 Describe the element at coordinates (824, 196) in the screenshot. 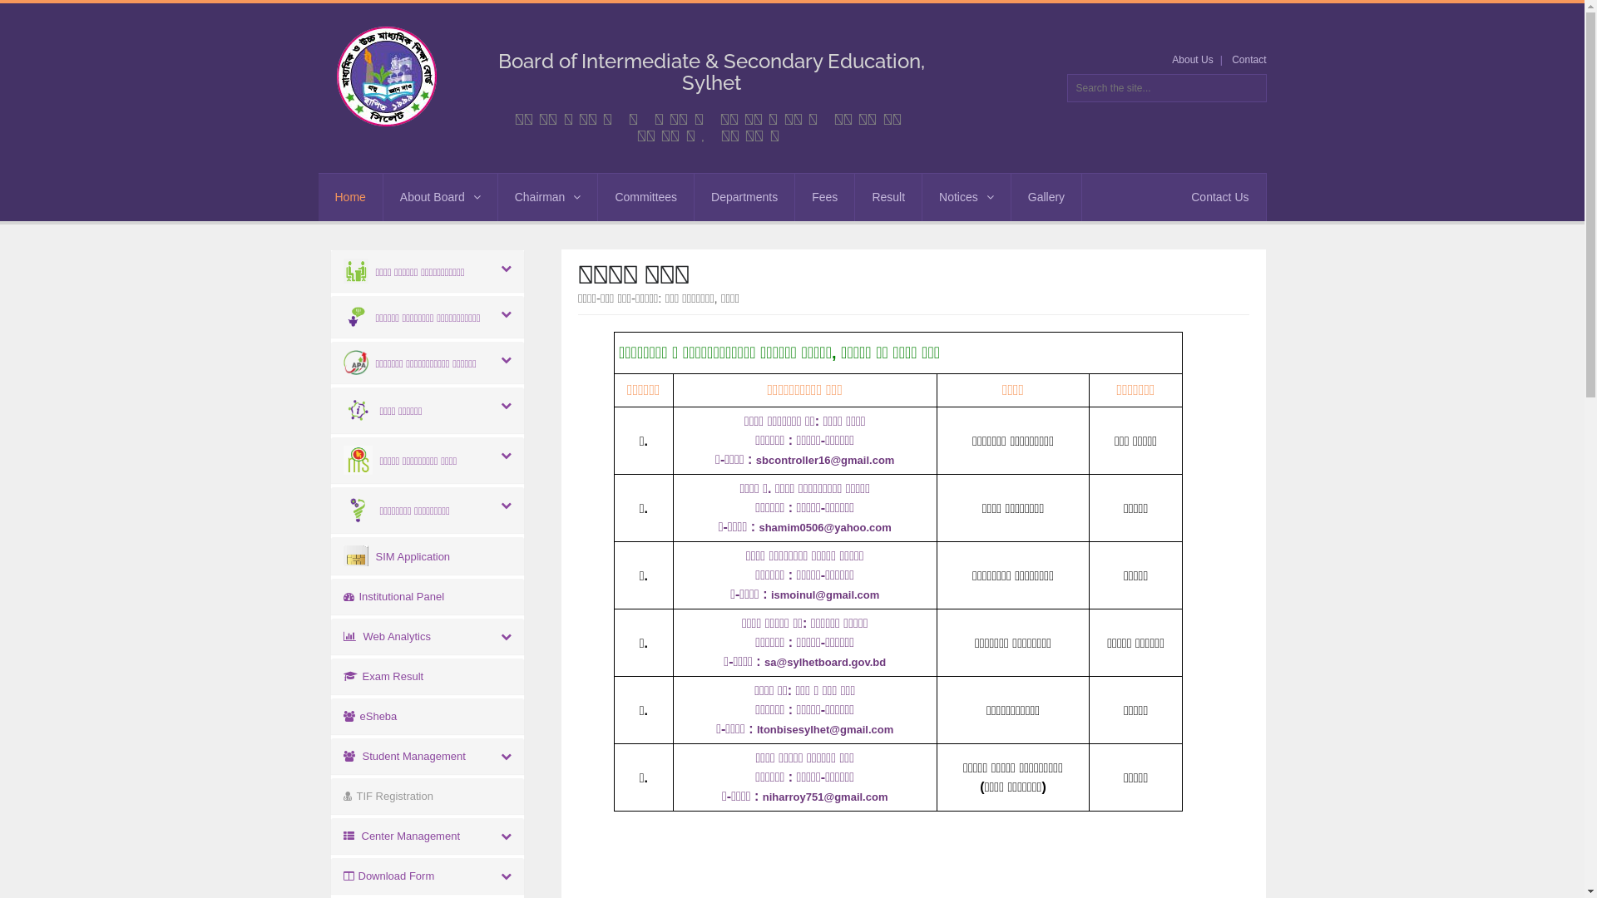

I see `'Fees'` at that location.